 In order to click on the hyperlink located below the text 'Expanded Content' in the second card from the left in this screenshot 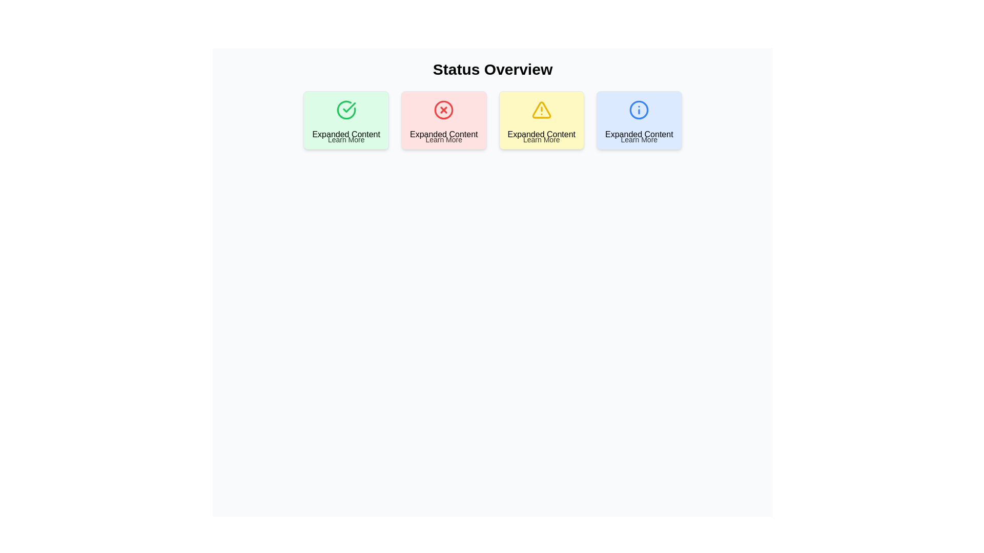, I will do `click(443, 140)`.